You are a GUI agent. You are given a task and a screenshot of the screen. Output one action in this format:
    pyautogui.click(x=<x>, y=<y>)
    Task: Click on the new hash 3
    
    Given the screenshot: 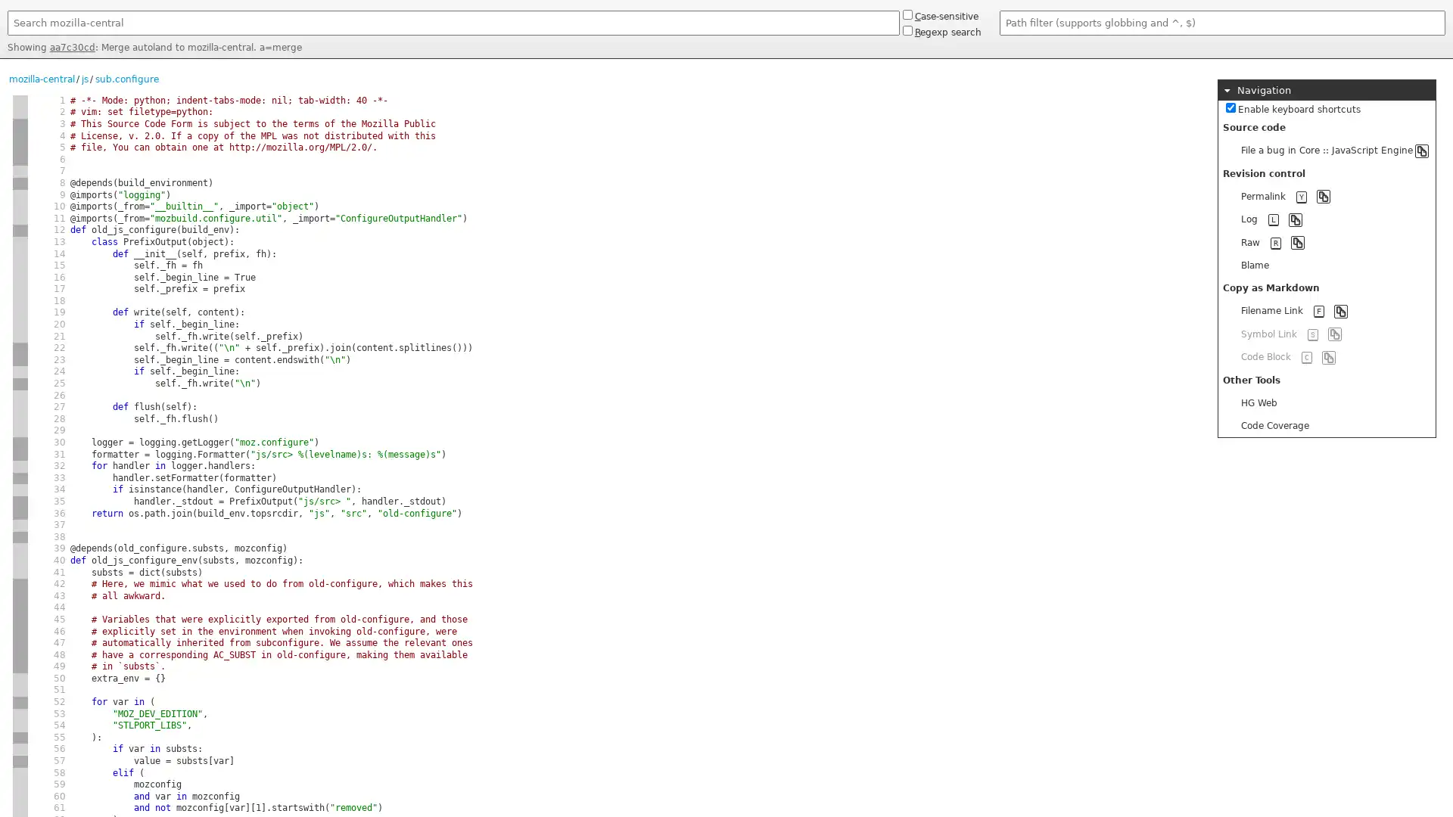 What is the action you would take?
    pyautogui.click(x=20, y=170)
    